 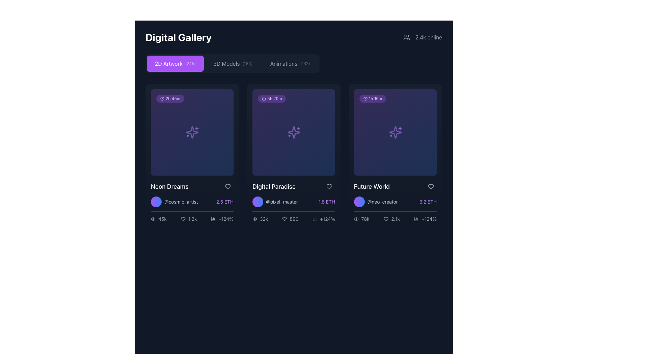 I want to click on text content of the label displaying '1.8 ETH' in light purple color, located in the lower-right section below the 'Digital Paradise' card, so click(x=327, y=201).